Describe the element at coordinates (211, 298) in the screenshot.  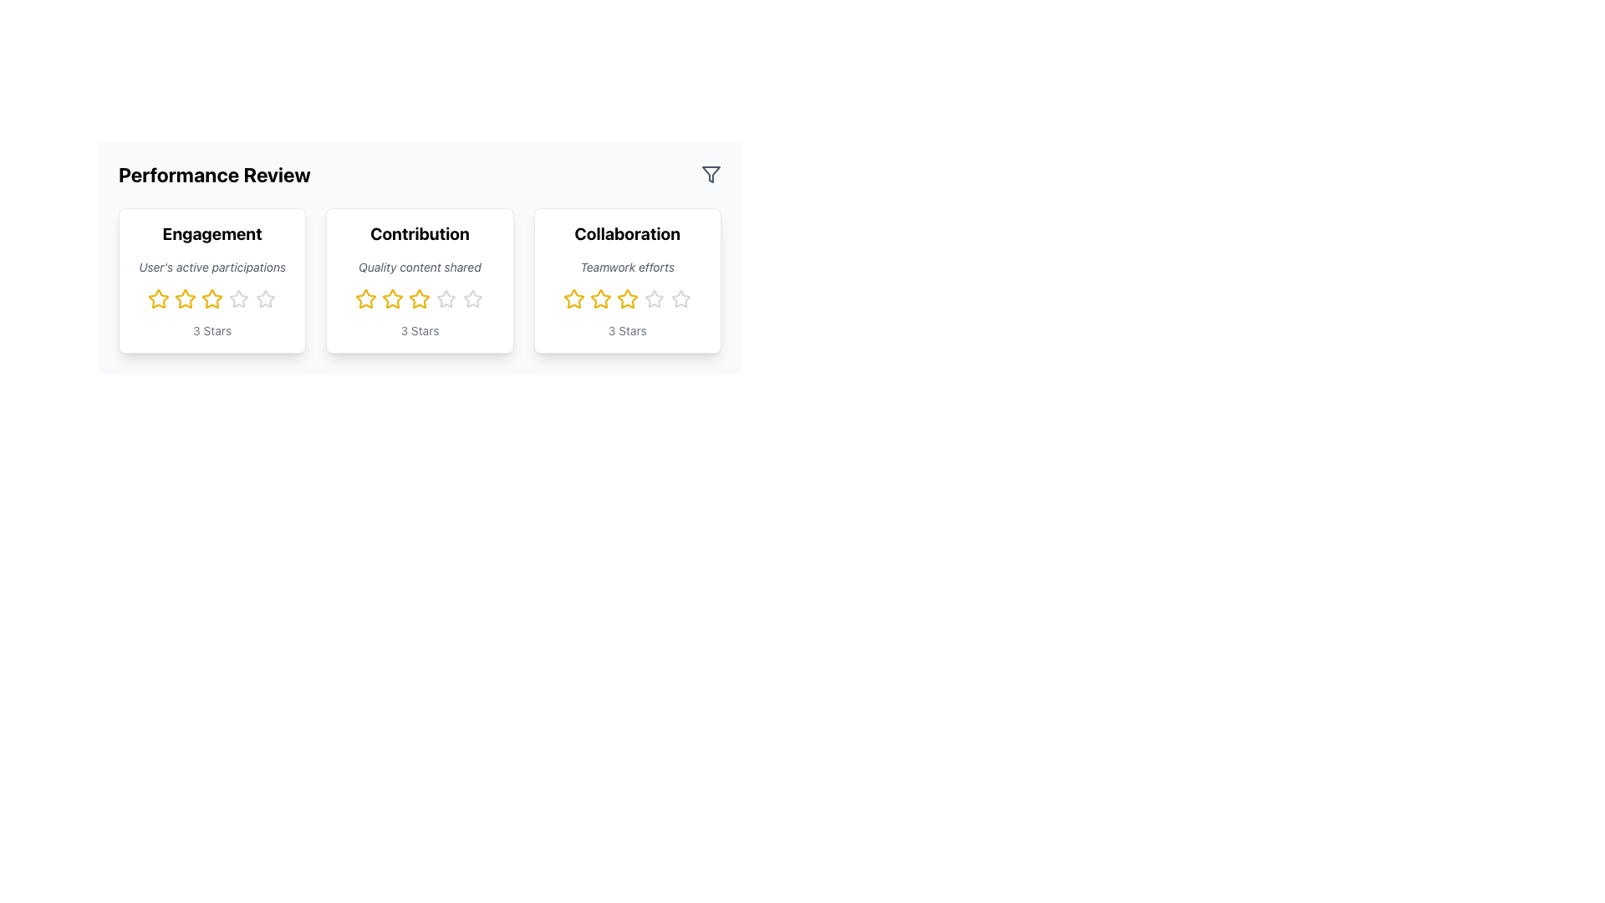
I see `the highlighted third star icon in the 5-star rating component located beneath the 'Engagement' heading` at that location.